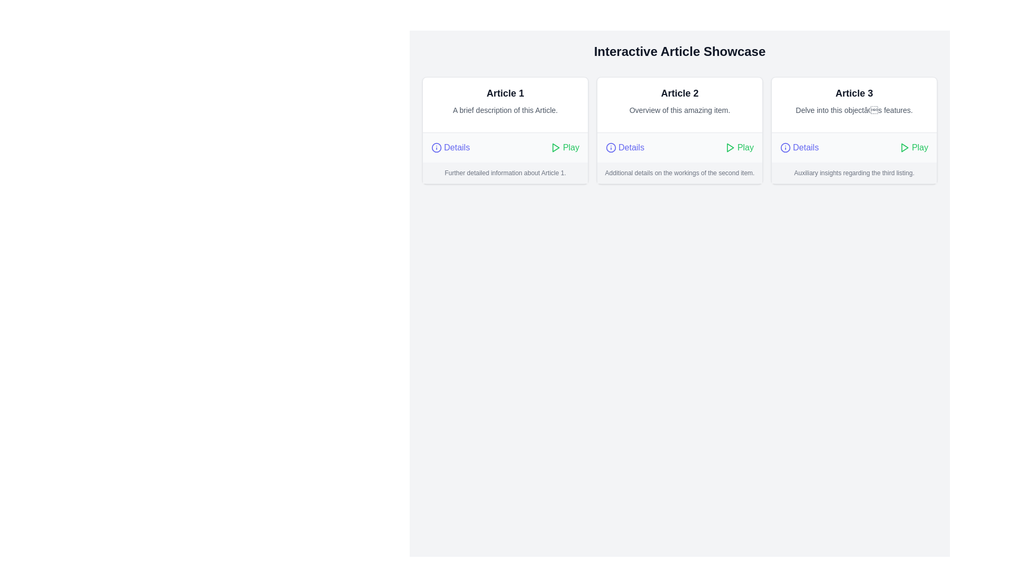  What do you see at coordinates (611, 148) in the screenshot?
I see `the SVG Icon (Information) element, which features a circular outline with an 'i' symbol inside, located adjacent to the 'Details' label in the second content box labeled 'Article 2'` at bounding box center [611, 148].